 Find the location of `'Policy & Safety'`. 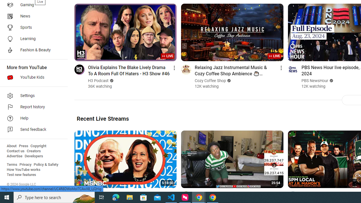

'Policy & Safety' is located at coordinates (46, 165).